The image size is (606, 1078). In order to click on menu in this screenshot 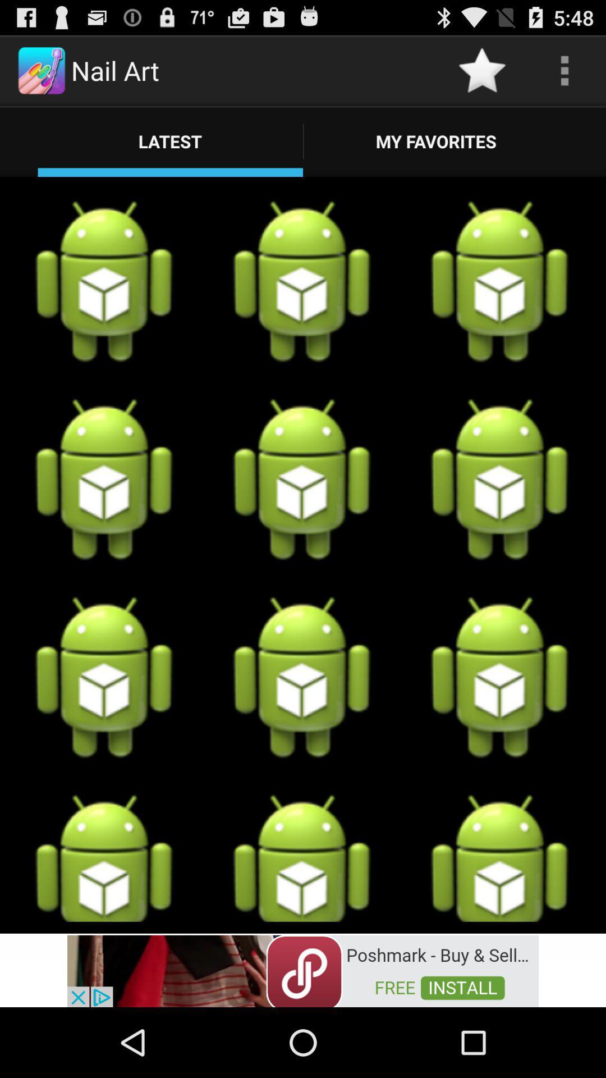, I will do `click(564, 70)`.